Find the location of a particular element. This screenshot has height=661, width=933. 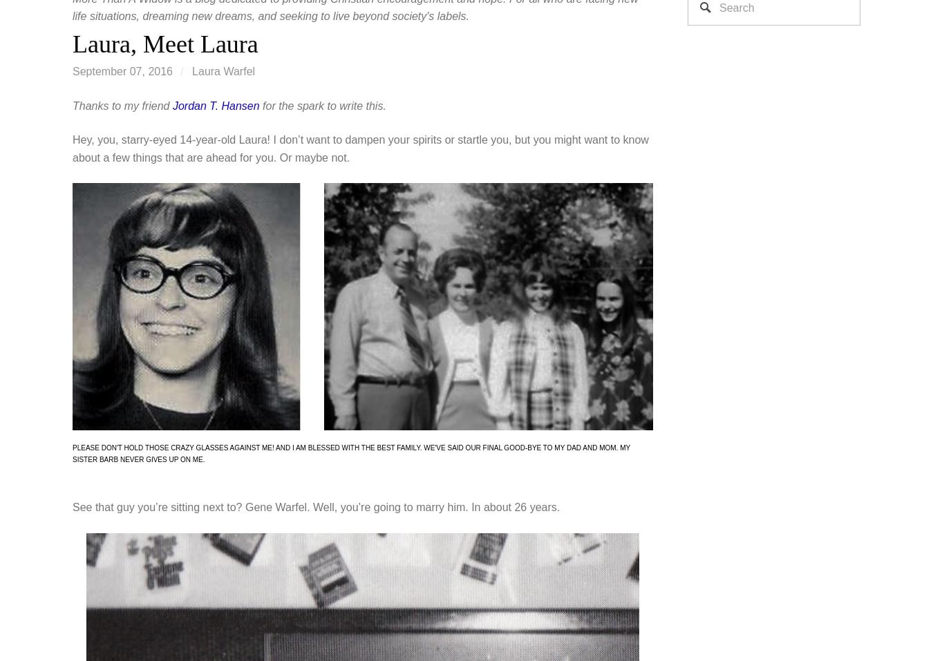

'Jordan T. Hansen' is located at coordinates (171, 105).